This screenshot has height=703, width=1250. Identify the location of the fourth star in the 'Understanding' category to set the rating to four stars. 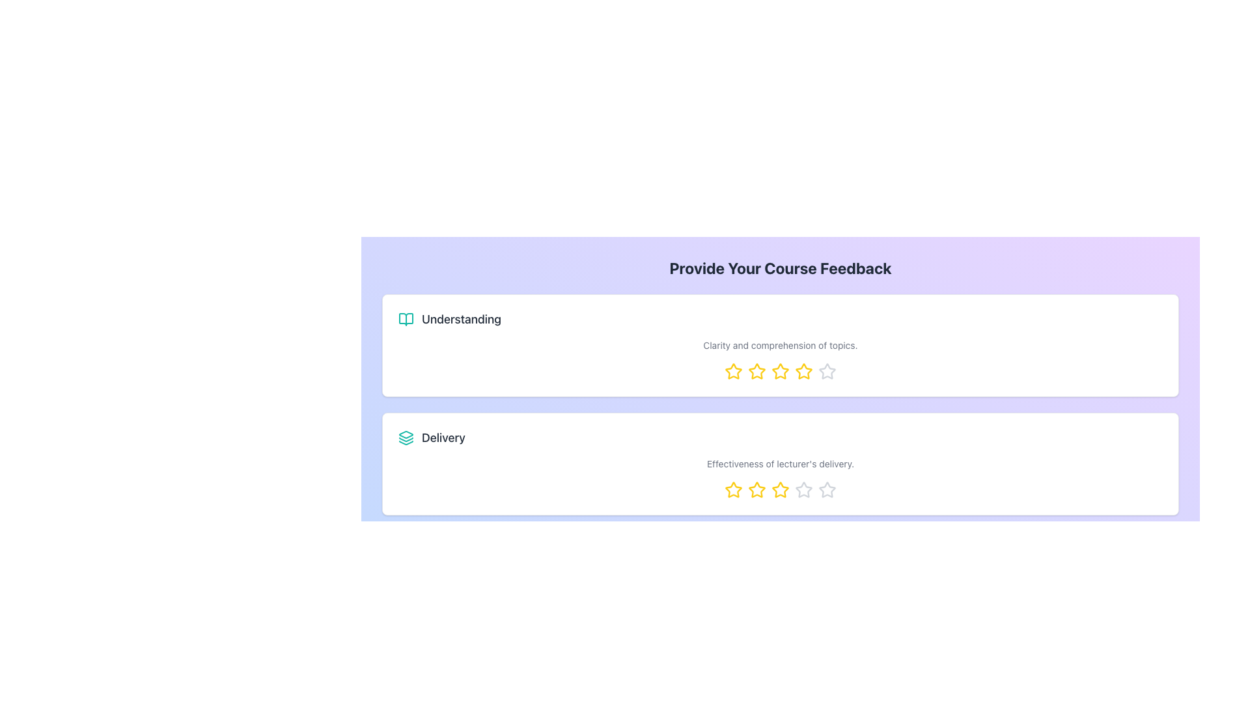
(780, 371).